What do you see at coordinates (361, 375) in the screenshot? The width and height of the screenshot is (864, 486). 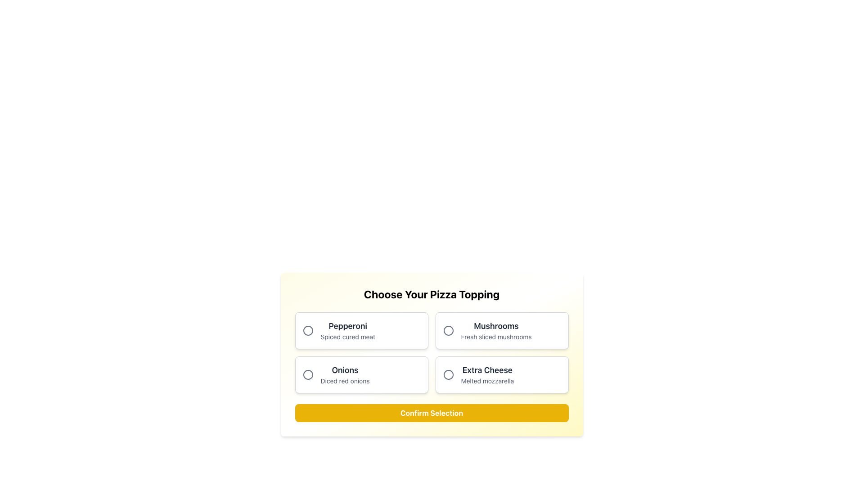 I see `the radio button on the 'Onions' selectable card located in the bottom-left position of the grid` at bounding box center [361, 375].